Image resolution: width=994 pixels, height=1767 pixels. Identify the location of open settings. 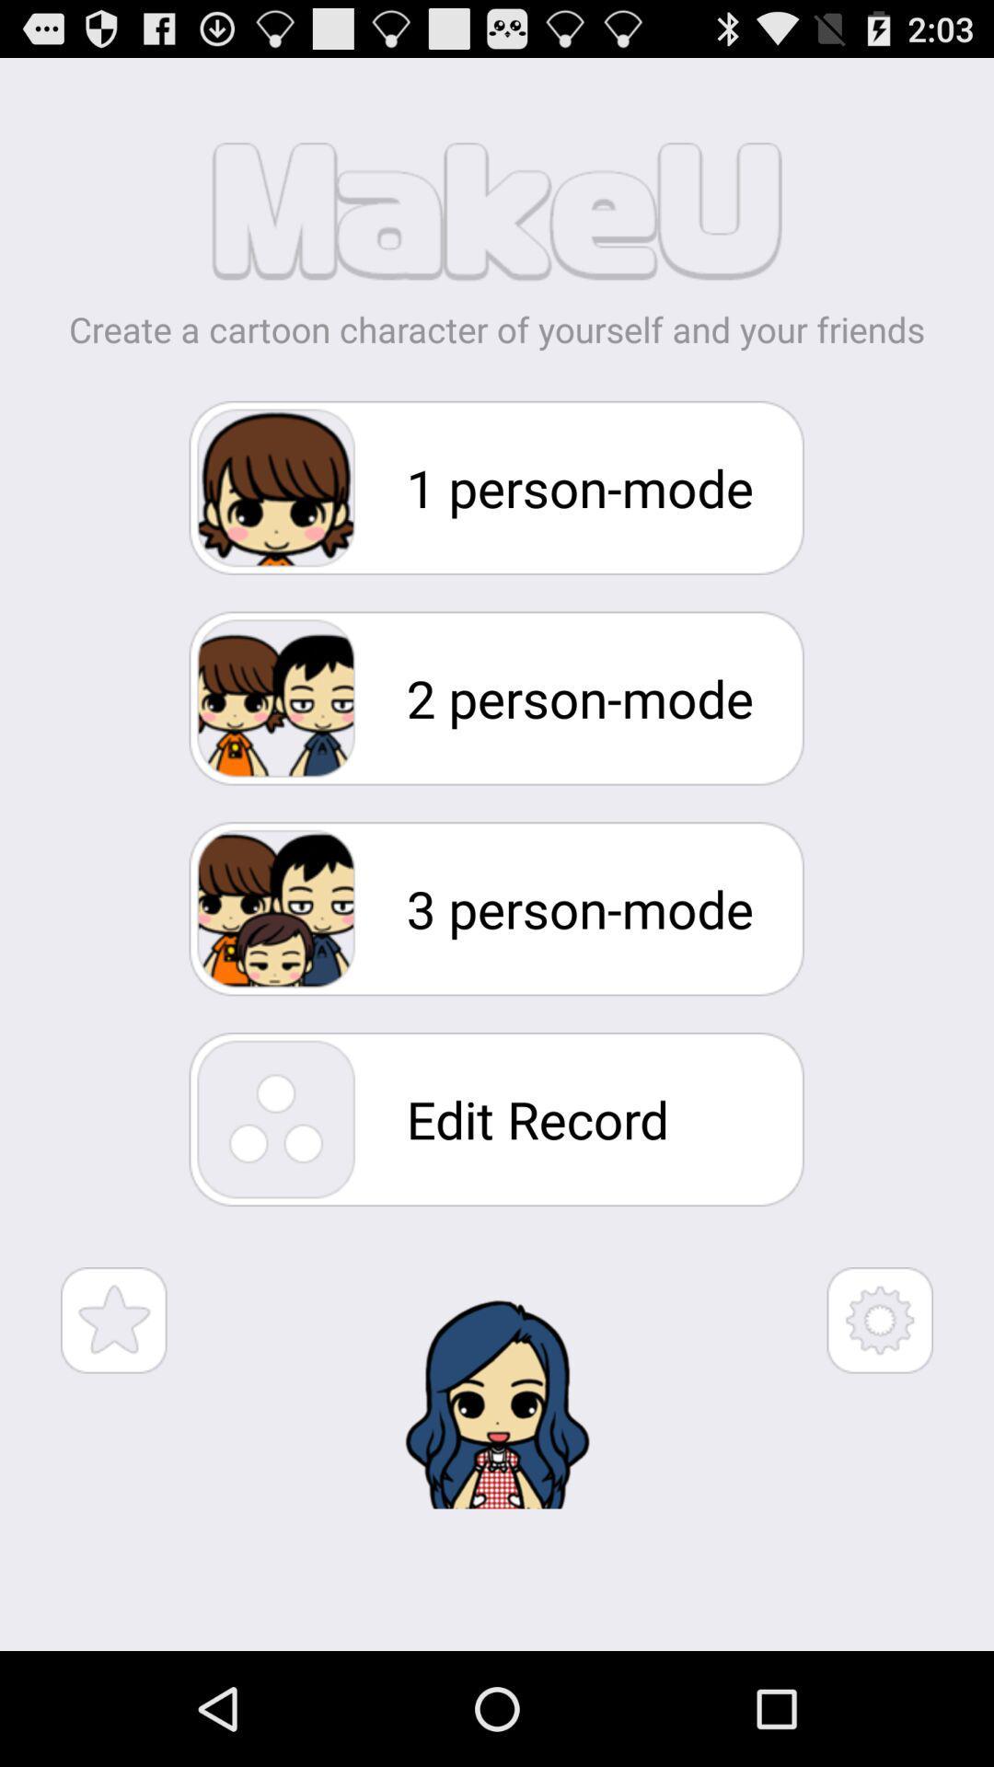
(879, 1319).